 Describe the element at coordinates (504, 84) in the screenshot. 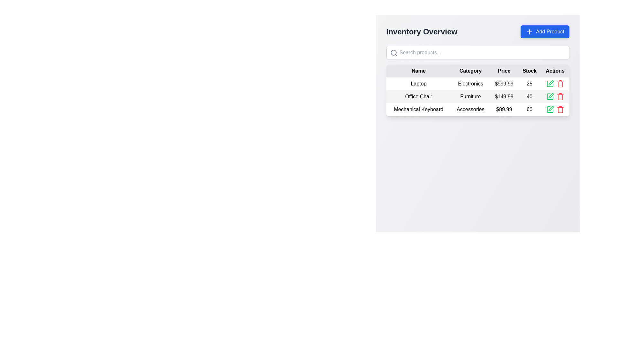

I see `the price label displaying '$999.99' in bold black text located under the 'Price' column in the first row of the table` at that location.